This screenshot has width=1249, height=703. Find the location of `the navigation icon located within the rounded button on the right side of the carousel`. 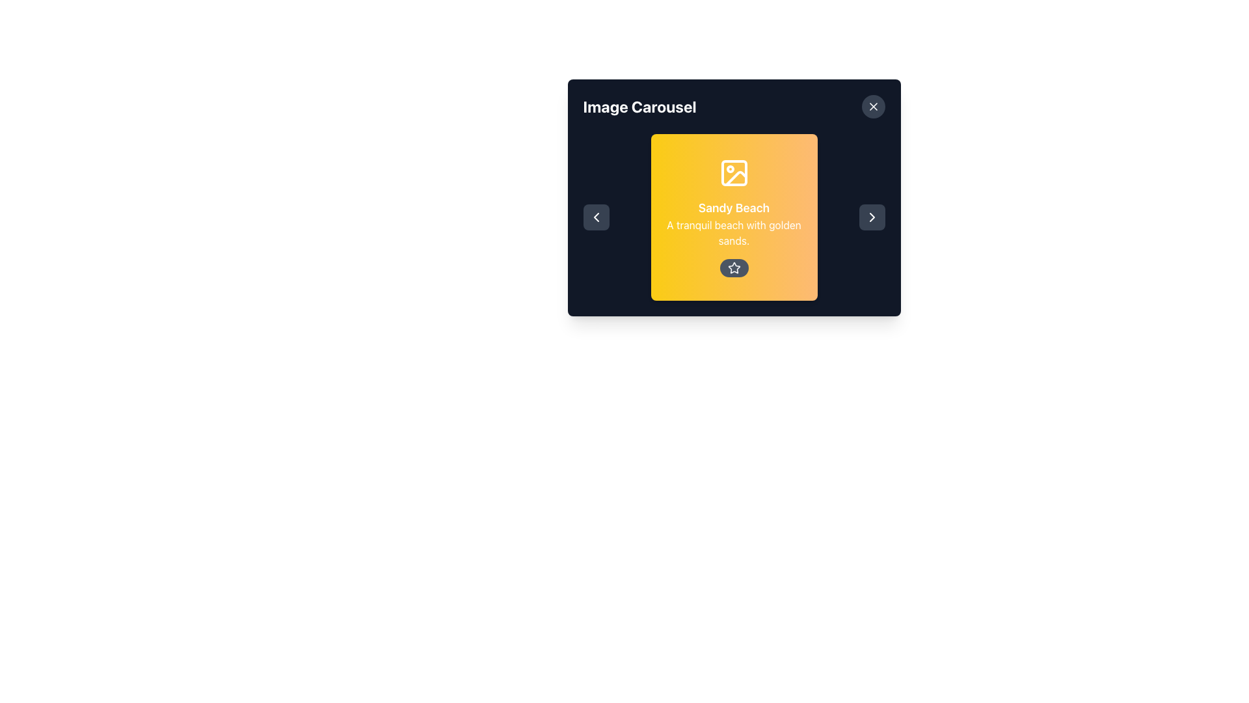

the navigation icon located within the rounded button on the right side of the carousel is located at coordinates (872, 217).